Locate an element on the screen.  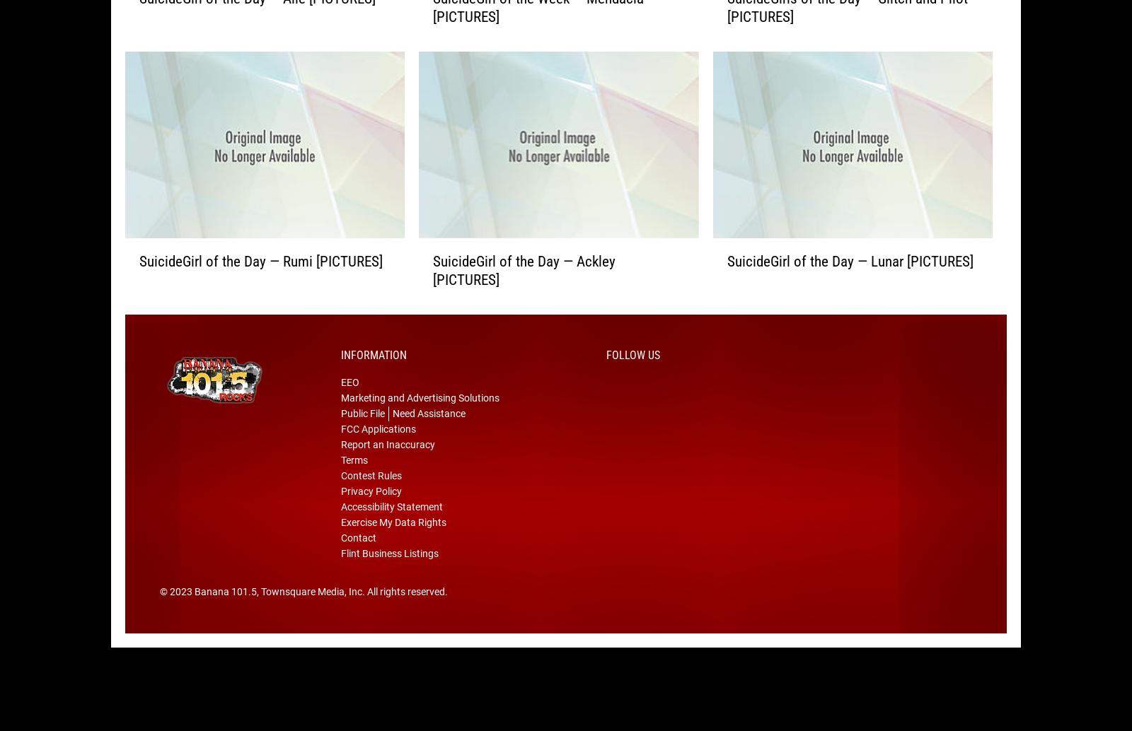
', Townsquare Media, Inc' is located at coordinates (257, 613).